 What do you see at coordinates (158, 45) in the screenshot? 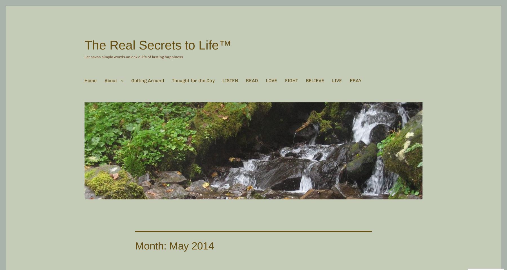
I see `'The Real Secrets to Life™'` at bounding box center [158, 45].